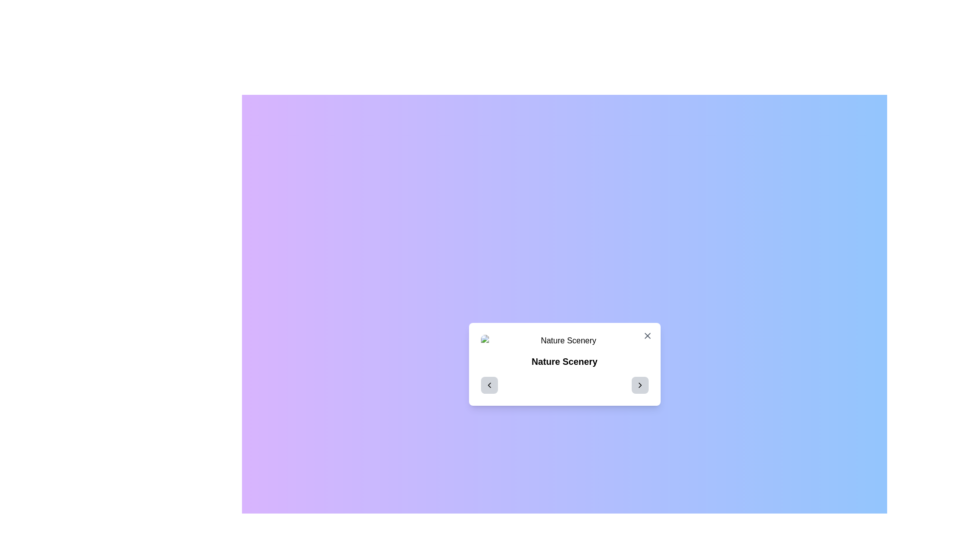 This screenshot has width=958, height=539. I want to click on the close icon located at the top right corner of the card, so click(647, 335).